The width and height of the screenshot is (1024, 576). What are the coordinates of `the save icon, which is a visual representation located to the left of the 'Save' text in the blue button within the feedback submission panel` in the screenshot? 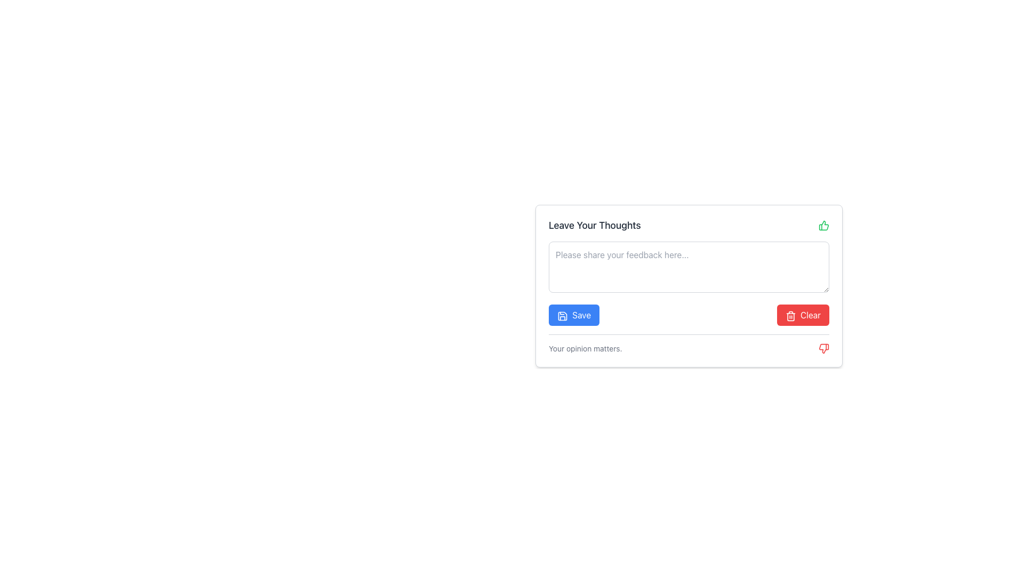 It's located at (562, 315).